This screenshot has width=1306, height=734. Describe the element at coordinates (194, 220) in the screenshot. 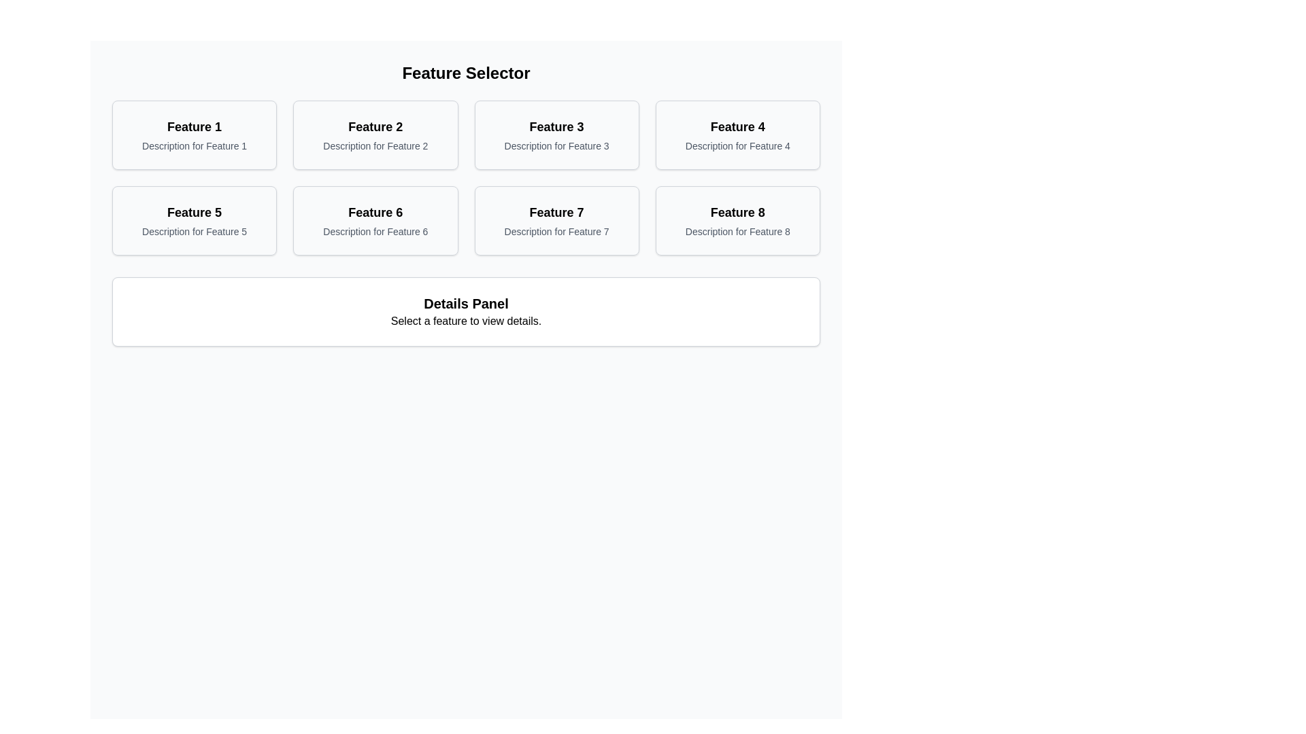

I see `the first card in the second row of a 4x2 grid layout` at that location.